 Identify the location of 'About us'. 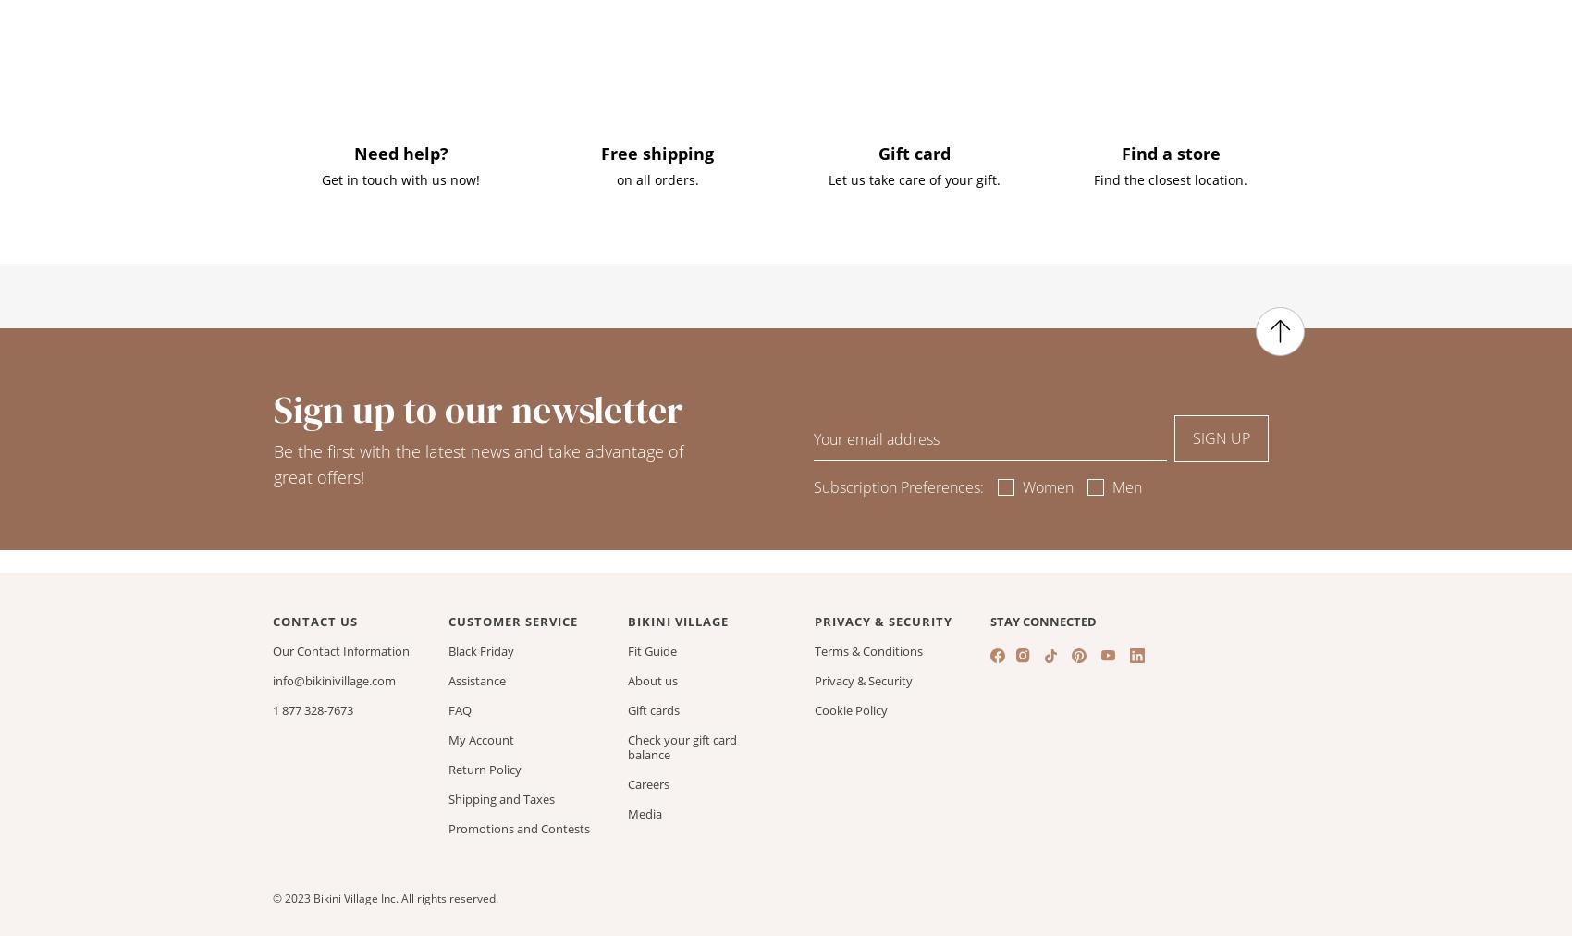
(653, 680).